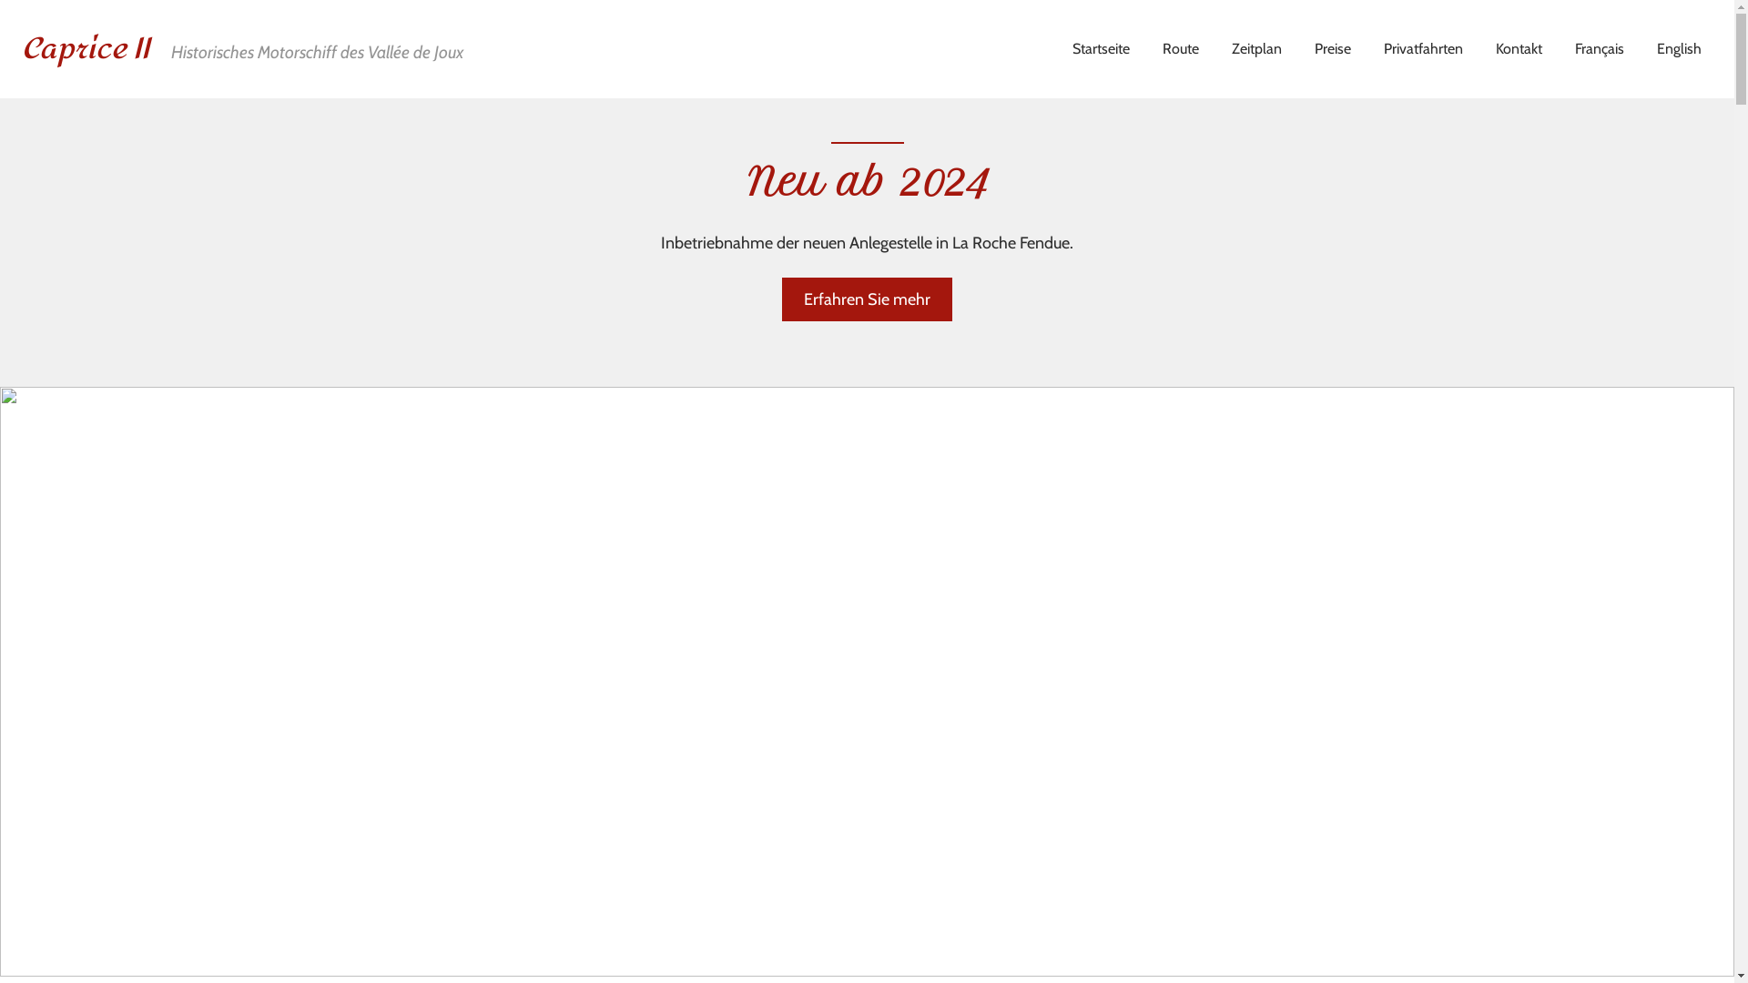 This screenshot has height=983, width=1748. I want to click on 'Zeitplan', so click(1220, 48).